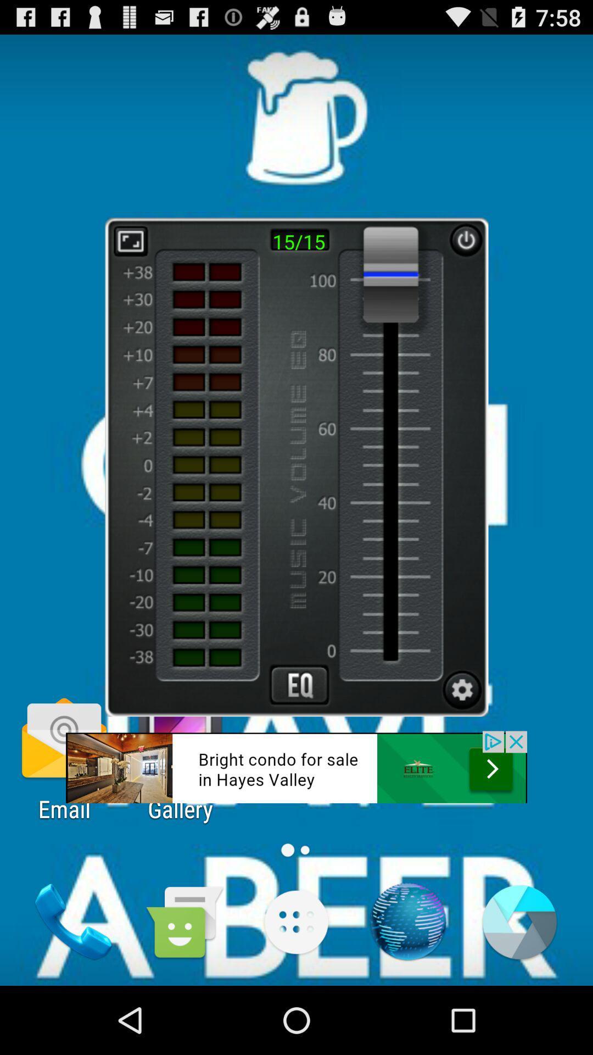  I want to click on advertisement banner, so click(296, 767).